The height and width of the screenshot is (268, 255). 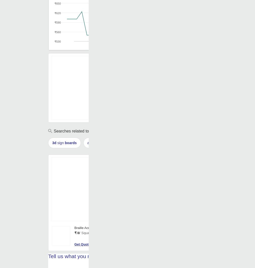 What do you see at coordinates (210, 45) in the screenshot?
I see `'Oct '23'` at bounding box center [210, 45].